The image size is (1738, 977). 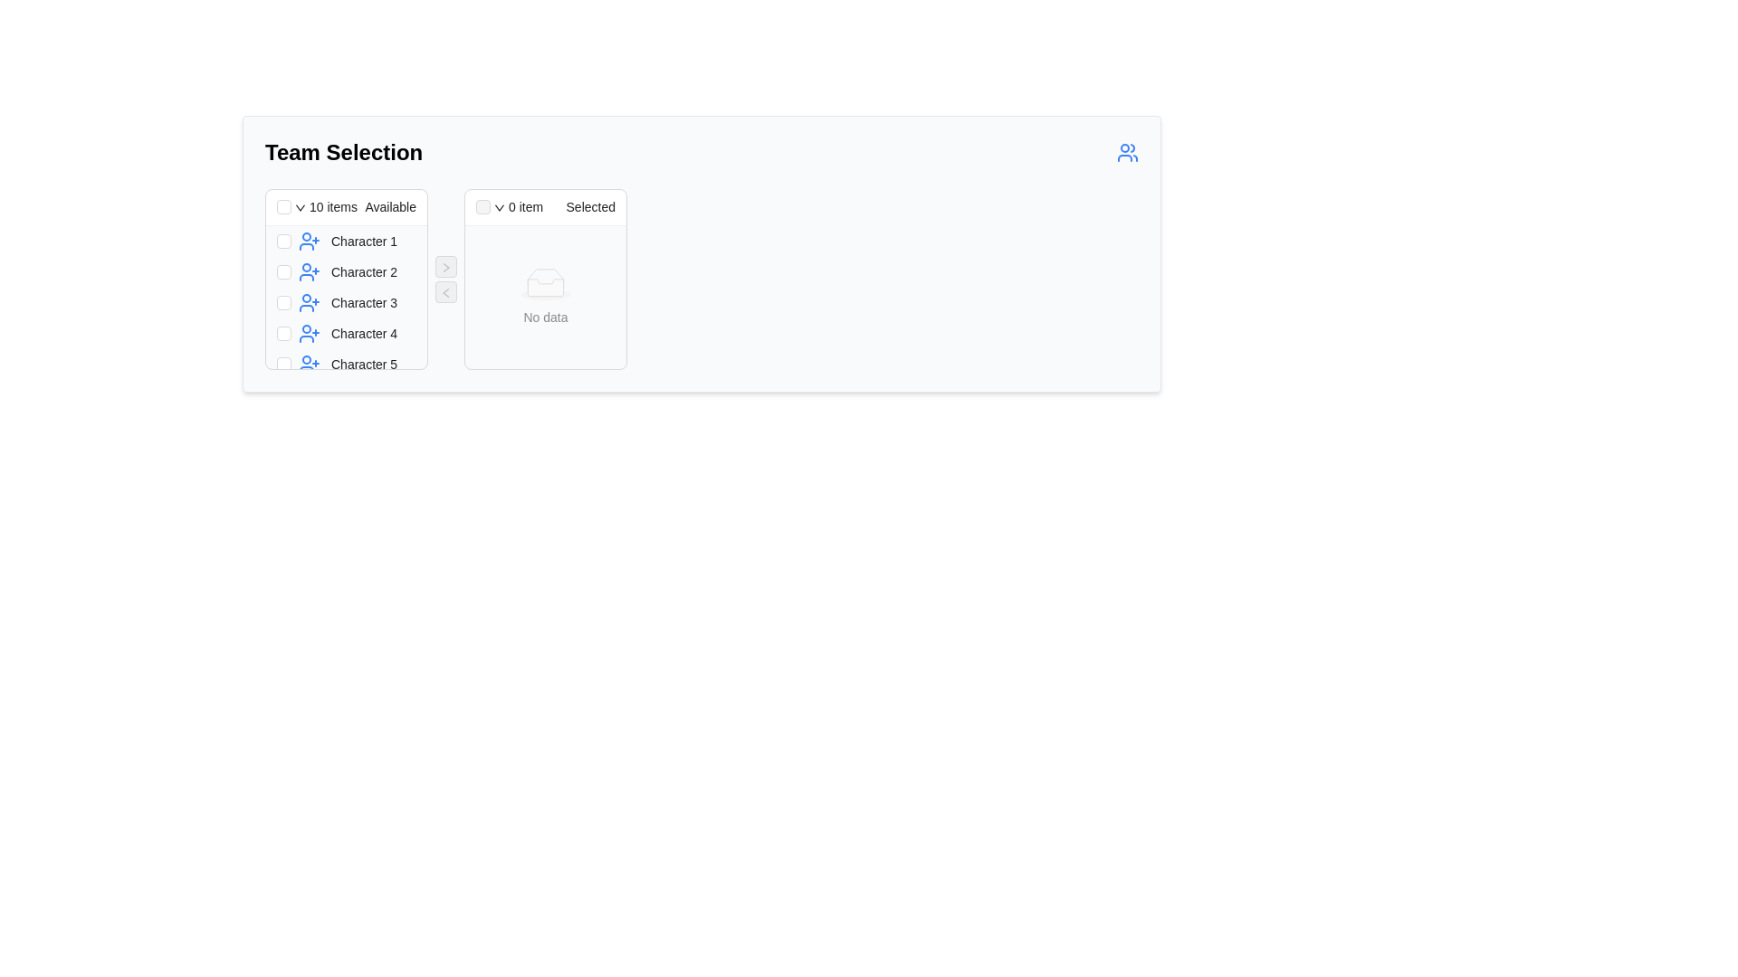 I want to click on the text label displaying 'Character 4', which is located to the right of a blue user icon with a plus sign and is the fourth item in a vertical list, so click(x=363, y=334).